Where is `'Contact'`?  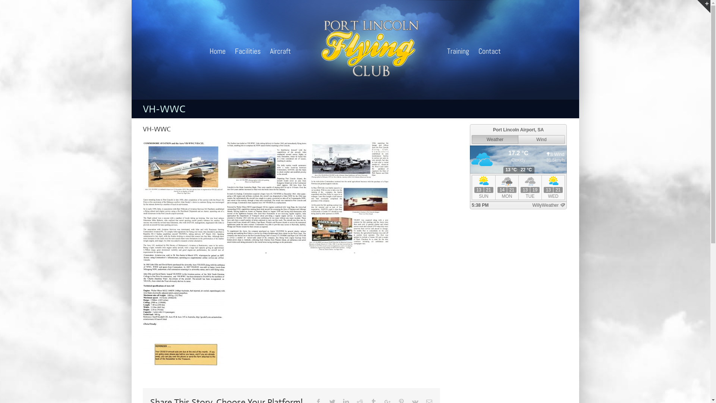
'Contact' is located at coordinates (490, 50).